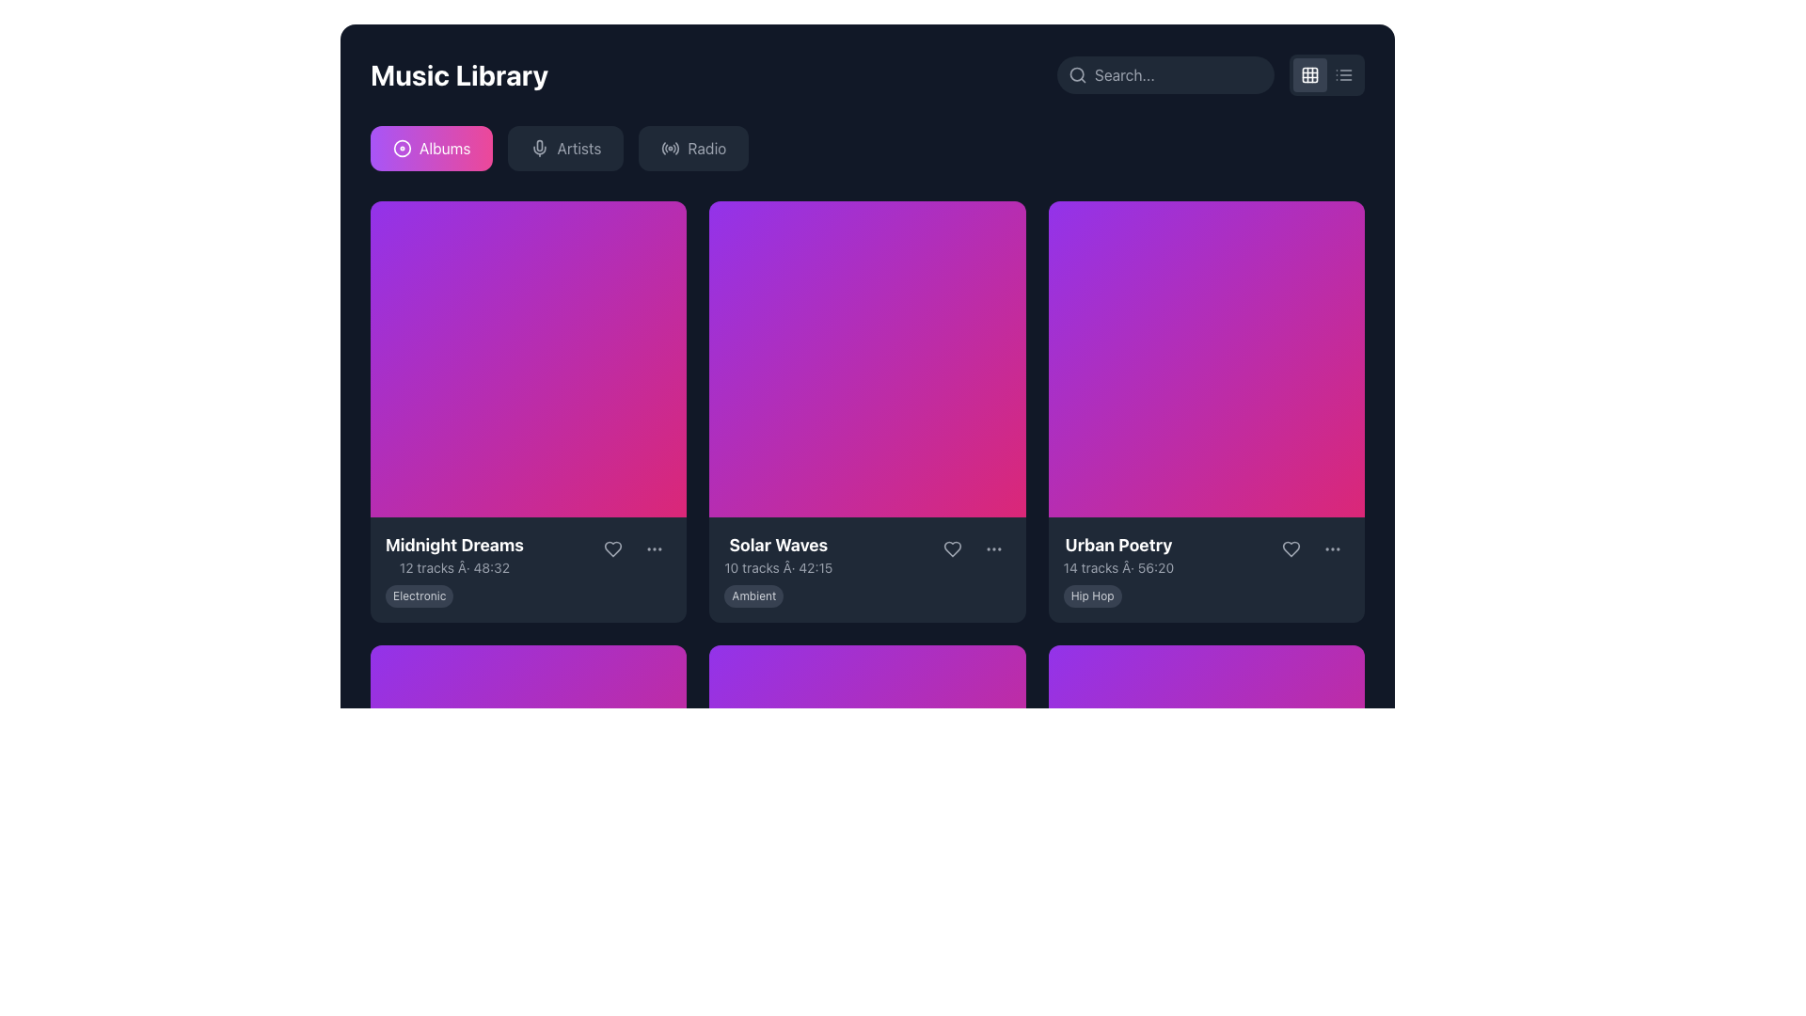 The image size is (1806, 1016). Describe the element at coordinates (692, 148) in the screenshot. I see `the 'Radio' button, which features a radio wave icon and is the third button in a horizontal group at the top of the interface` at that location.